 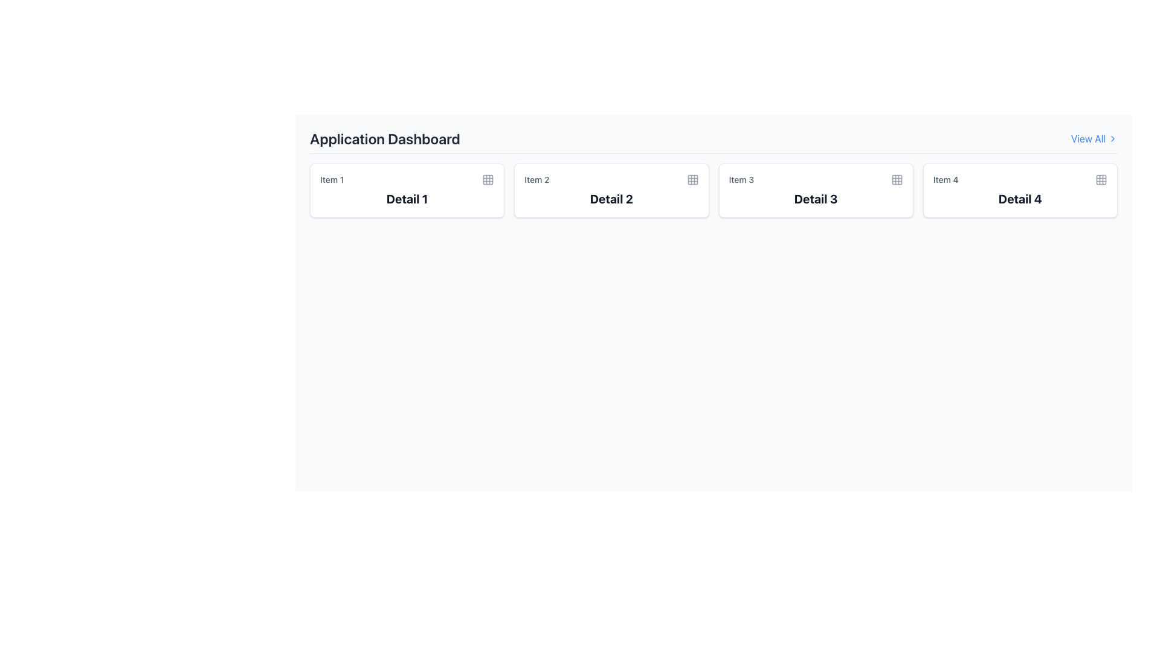 I want to click on the 'View All' hyperlink with the right-pointing chevron icon, so click(x=1094, y=138).